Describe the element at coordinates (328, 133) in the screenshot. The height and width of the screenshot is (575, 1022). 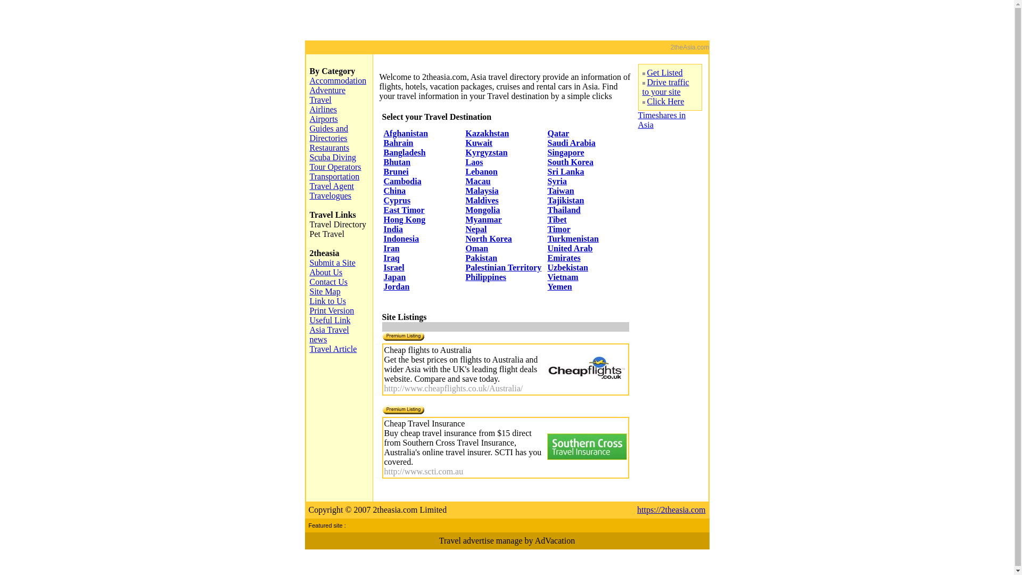
I see `'Guides and Directories'` at that location.